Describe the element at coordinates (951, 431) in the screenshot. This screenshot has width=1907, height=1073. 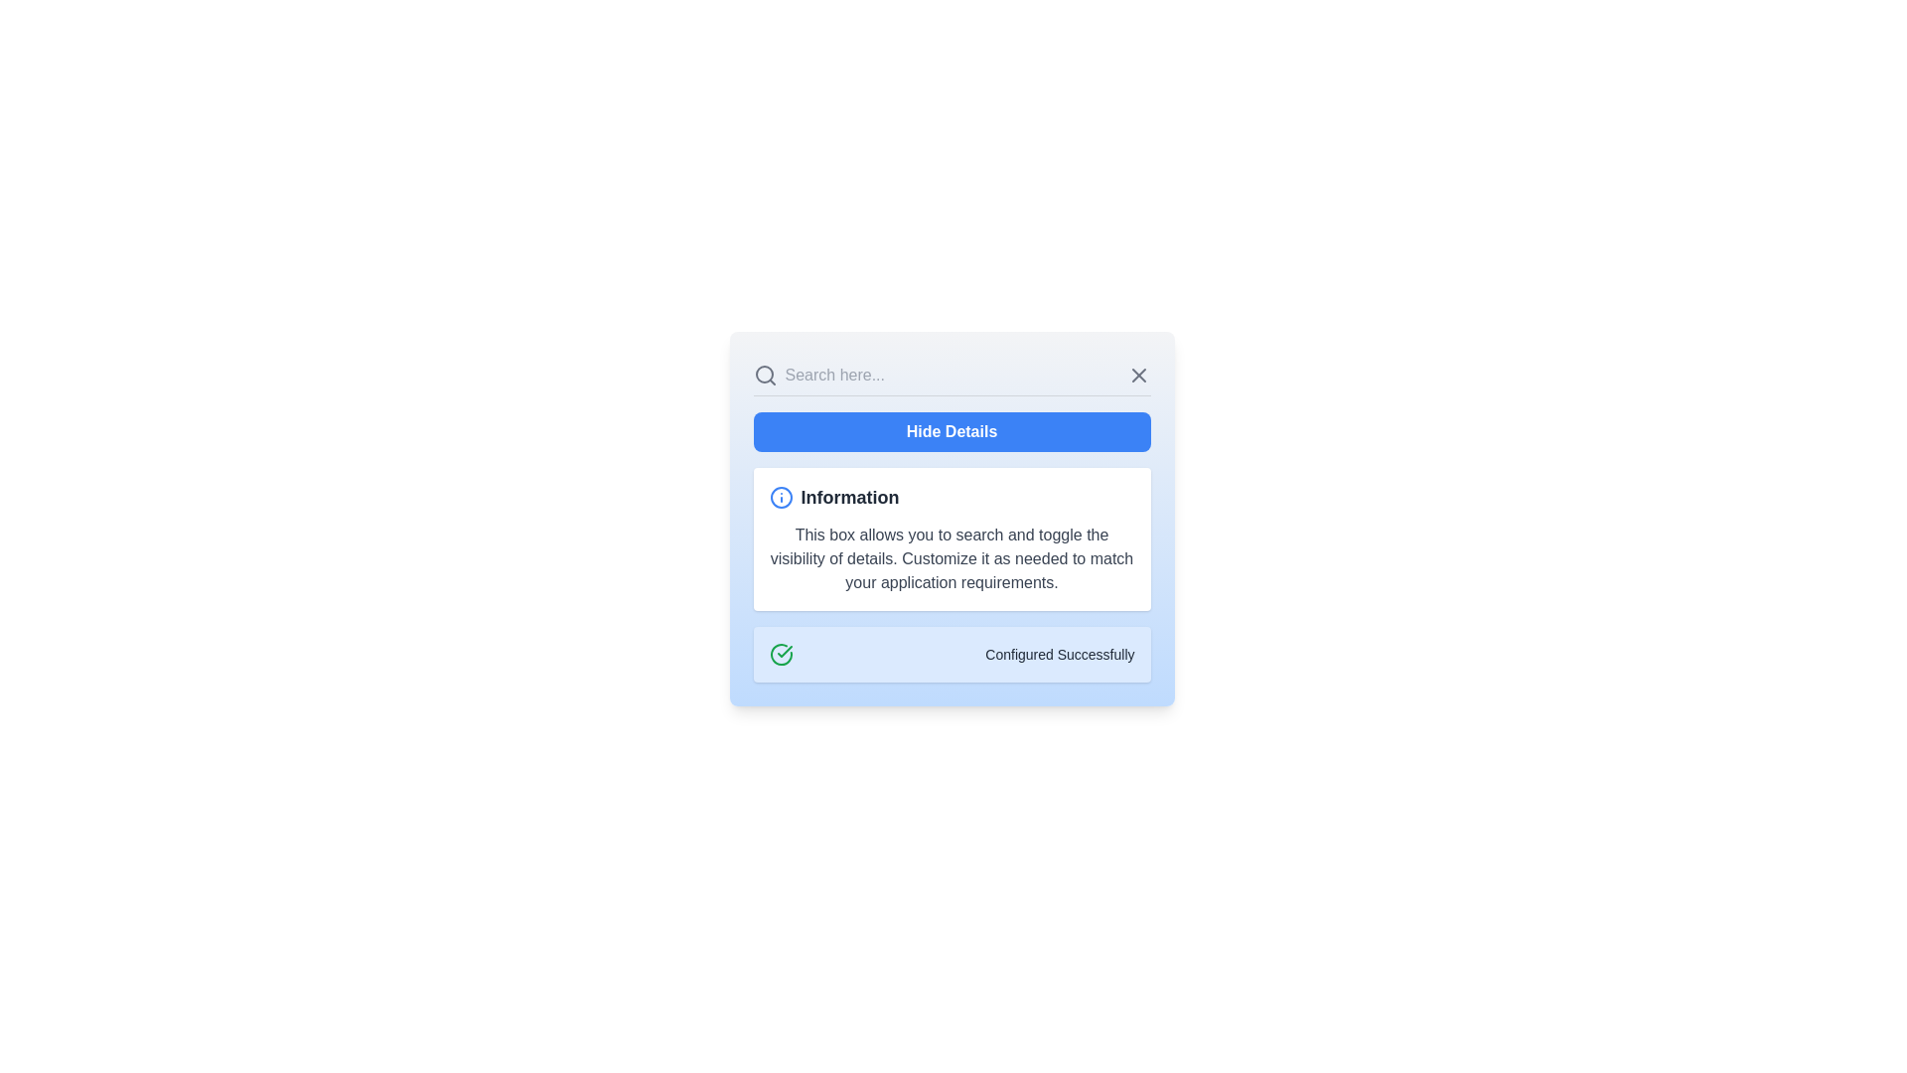
I see `the toggle button located below the search input field and above the informational content to hide the details` at that location.